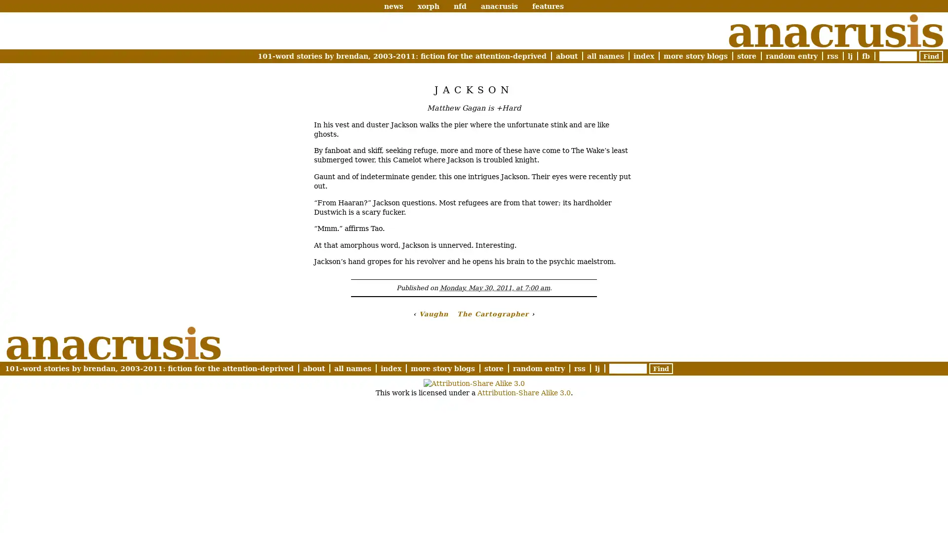 Image resolution: width=948 pixels, height=533 pixels. I want to click on Find, so click(661, 368).